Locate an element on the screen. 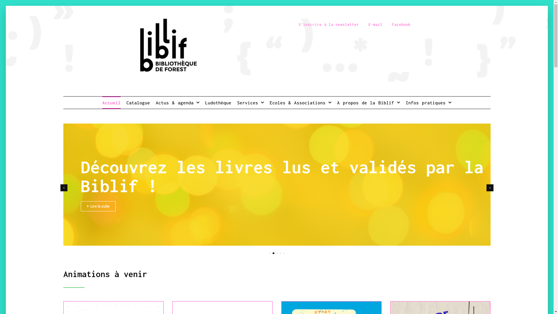 The image size is (558, 314). 'Infos pratiques' is located at coordinates (405, 102).